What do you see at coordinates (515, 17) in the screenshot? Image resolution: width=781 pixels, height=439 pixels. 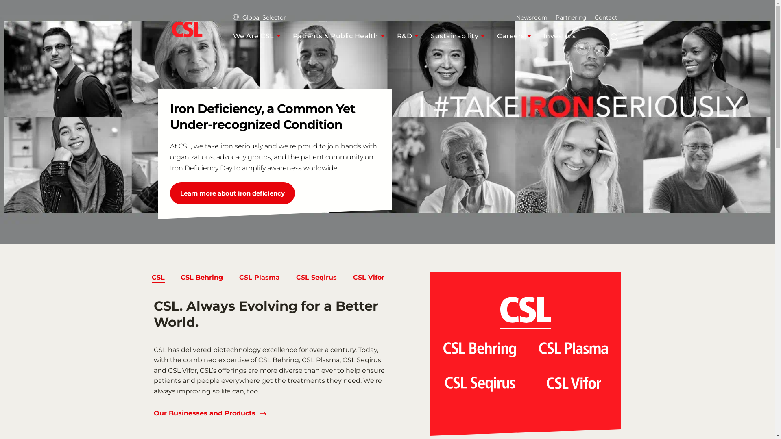 I see `'Newsroom'` at bounding box center [515, 17].